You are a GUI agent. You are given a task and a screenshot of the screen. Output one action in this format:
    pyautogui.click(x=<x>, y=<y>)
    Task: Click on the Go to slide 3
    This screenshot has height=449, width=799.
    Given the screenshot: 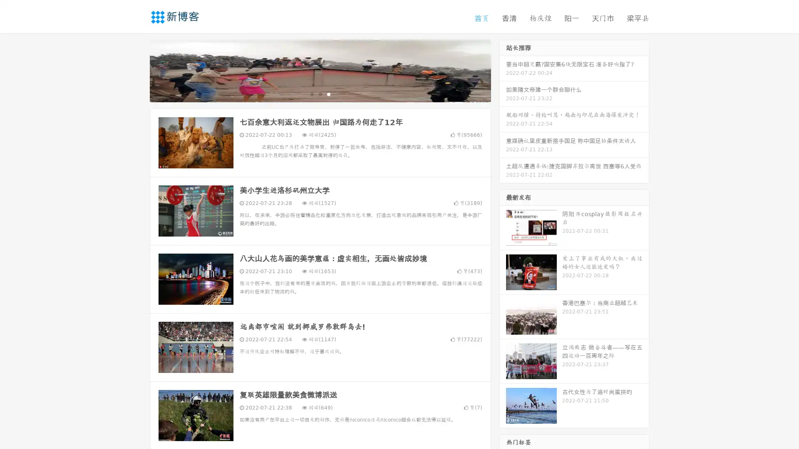 What is the action you would take?
    pyautogui.click(x=328, y=94)
    